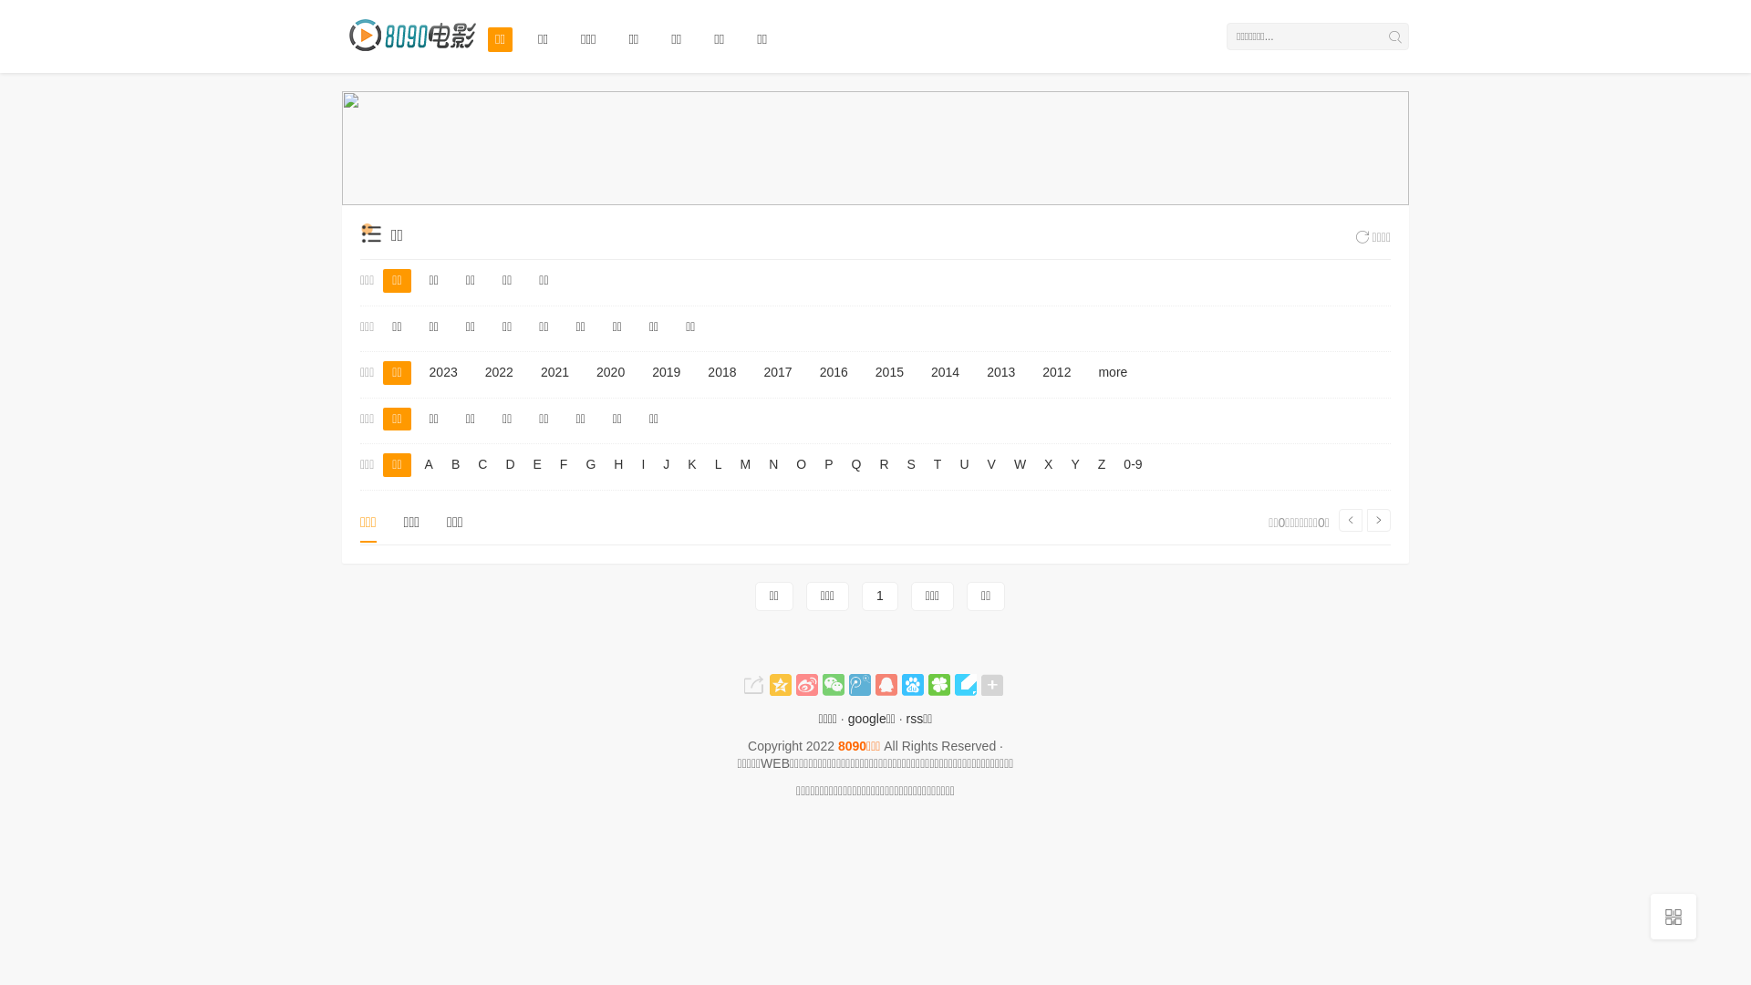 The width and height of the screenshot is (1751, 985). Describe the element at coordinates (818, 463) in the screenshot. I see `'P'` at that location.